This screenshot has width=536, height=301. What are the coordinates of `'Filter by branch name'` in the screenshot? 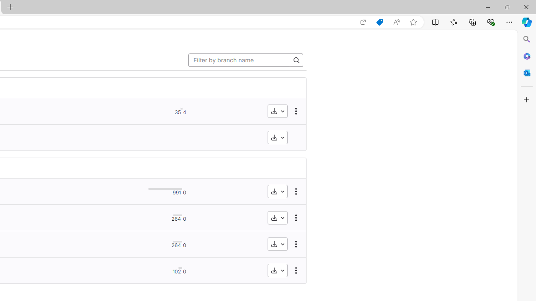 It's located at (239, 60).